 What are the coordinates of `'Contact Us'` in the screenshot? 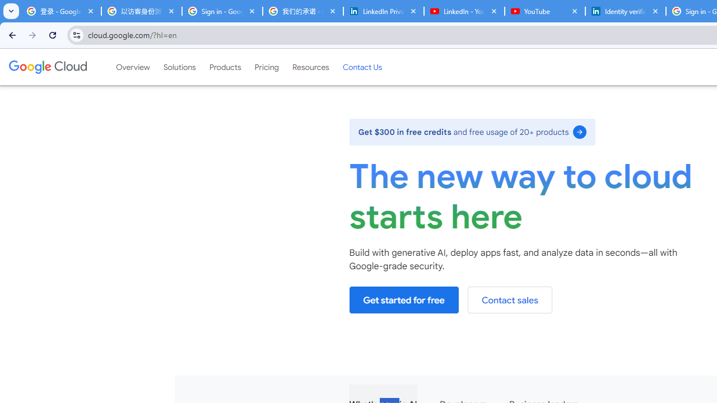 It's located at (362, 67).